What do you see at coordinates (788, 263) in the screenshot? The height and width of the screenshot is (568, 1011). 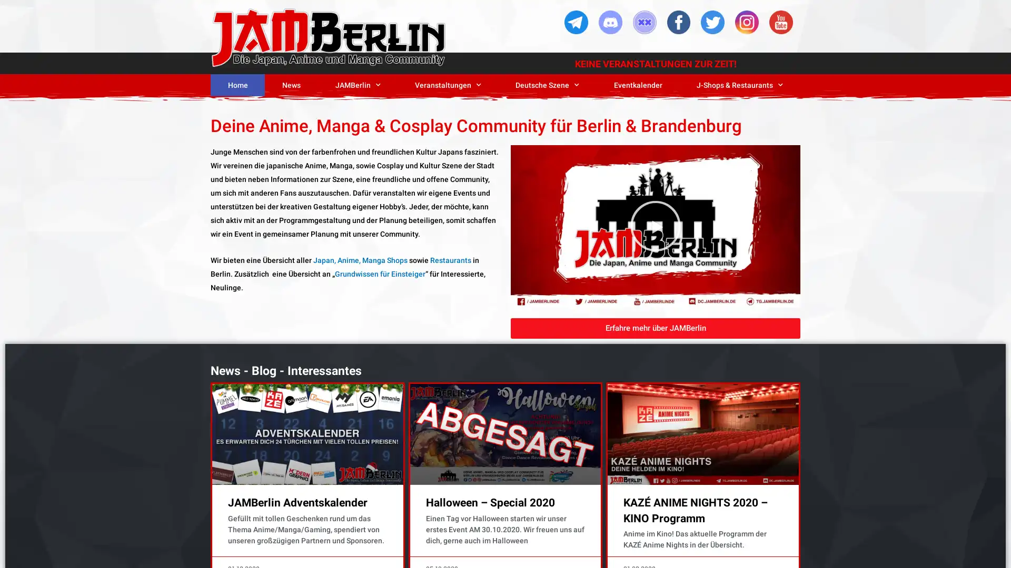 I see `show more media controls` at bounding box center [788, 263].